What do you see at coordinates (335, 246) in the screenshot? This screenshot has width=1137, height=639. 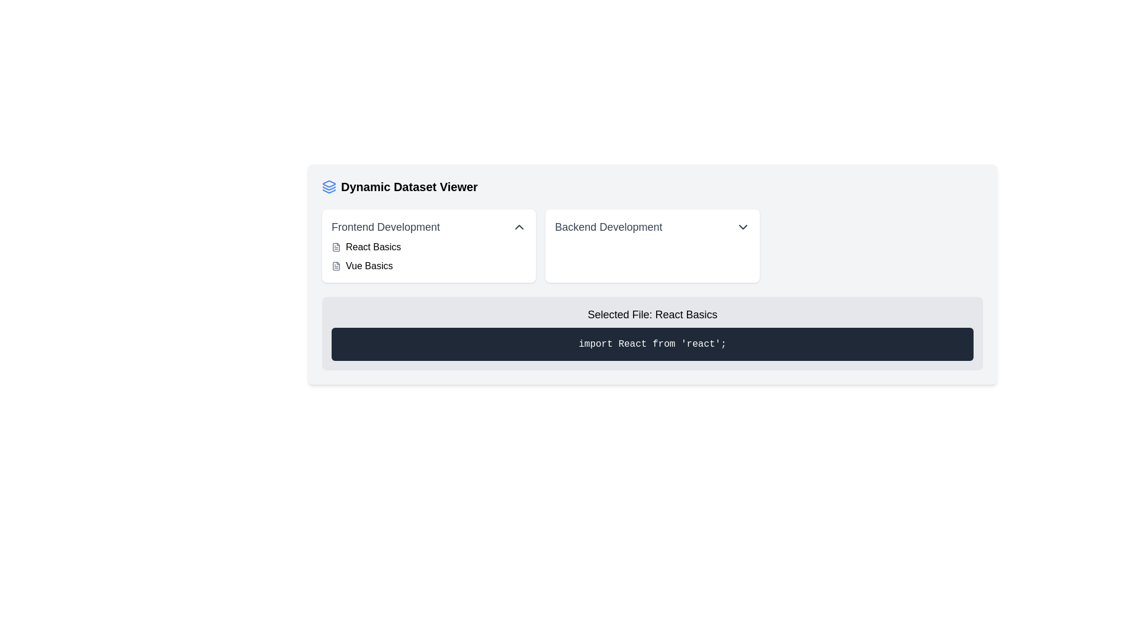 I see `the document icon that is styled in gray and located to the left of the text label 'React Basics' under the 'Frontend Development' category` at bounding box center [335, 246].